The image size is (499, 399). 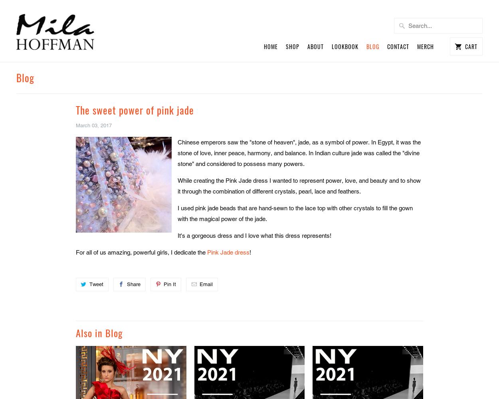 I want to click on 'Pin It', so click(x=170, y=283).